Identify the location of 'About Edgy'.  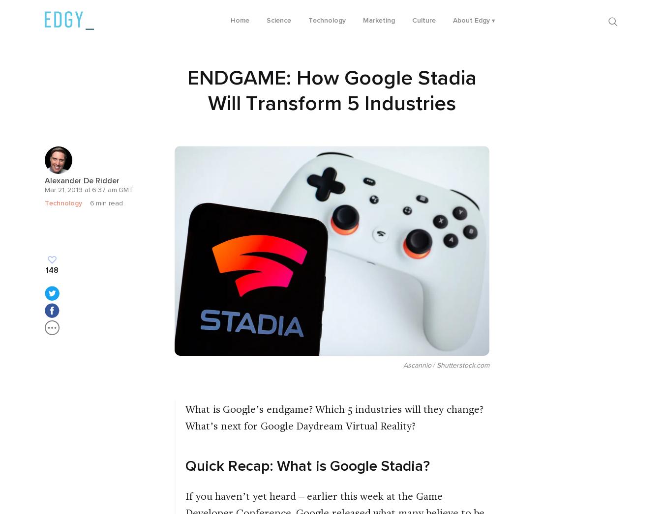
(470, 20).